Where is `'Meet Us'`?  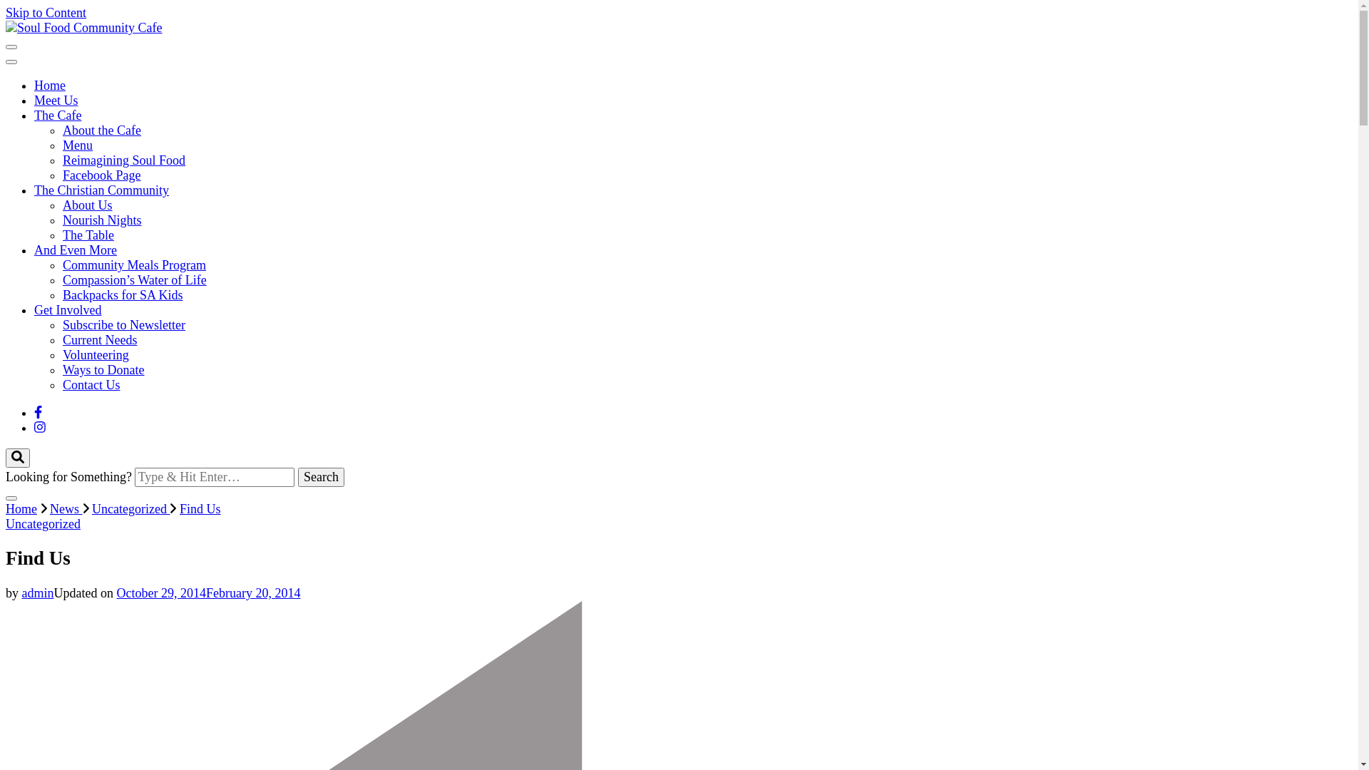
'Meet Us' is located at coordinates (56, 100).